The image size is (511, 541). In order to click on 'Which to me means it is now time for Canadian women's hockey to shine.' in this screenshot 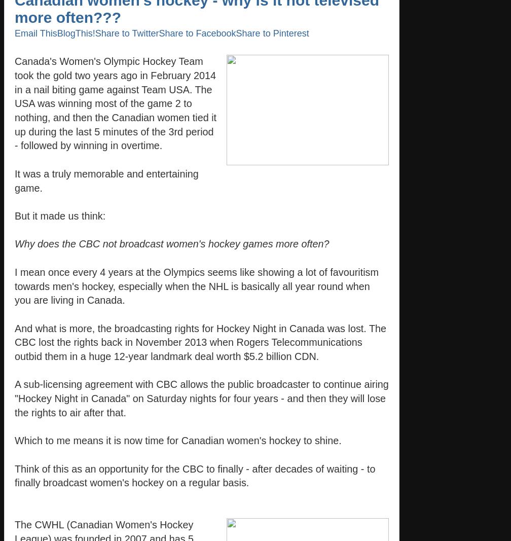, I will do `click(177, 440)`.